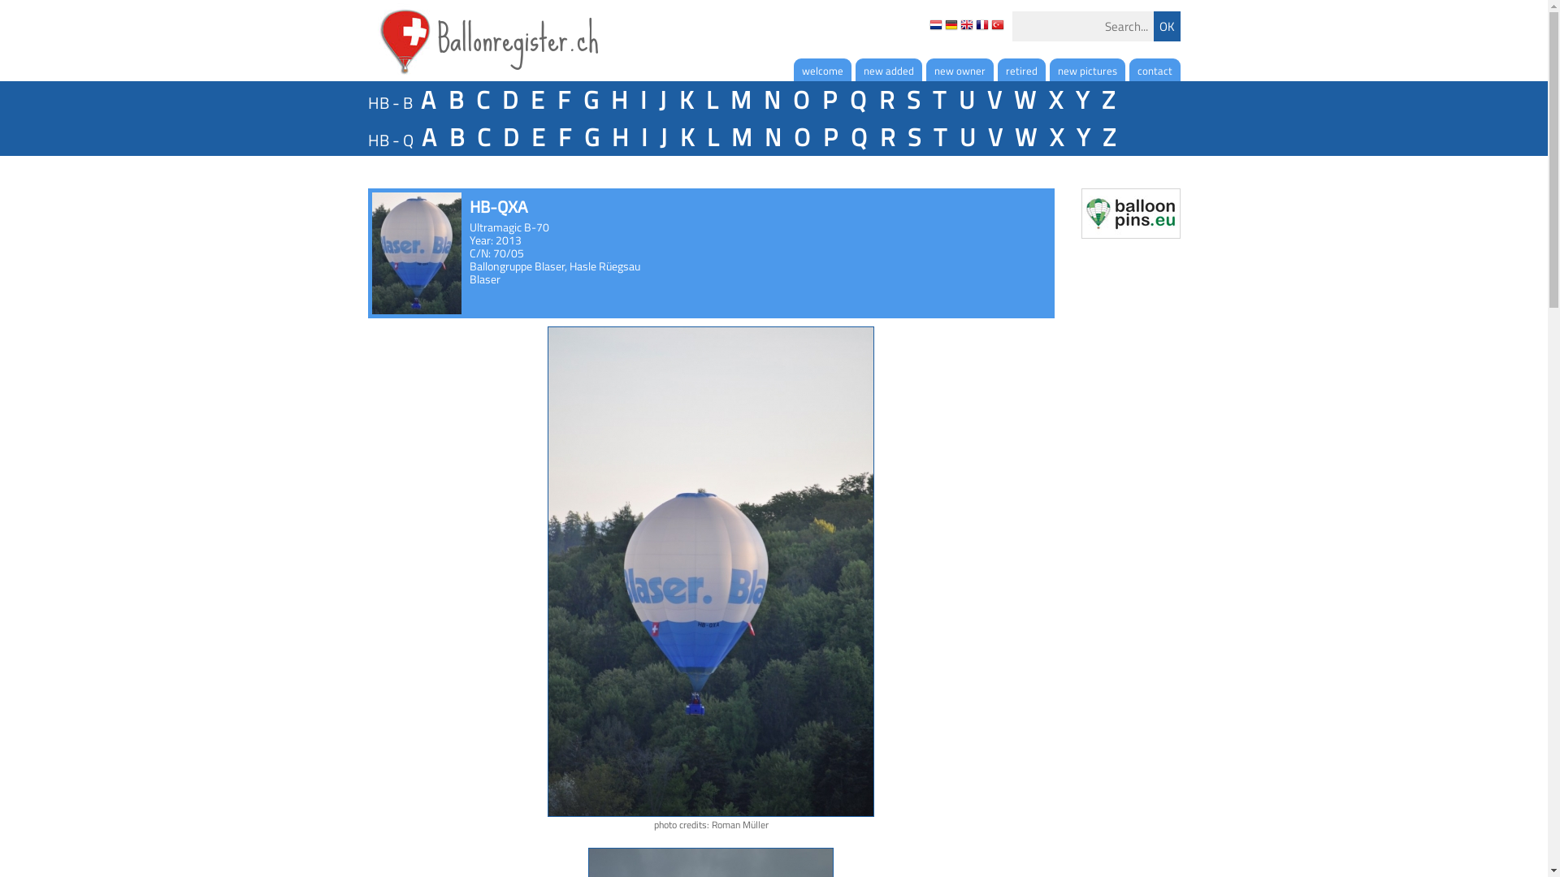 The width and height of the screenshot is (1560, 877). What do you see at coordinates (674, 136) in the screenshot?
I see `'K'` at bounding box center [674, 136].